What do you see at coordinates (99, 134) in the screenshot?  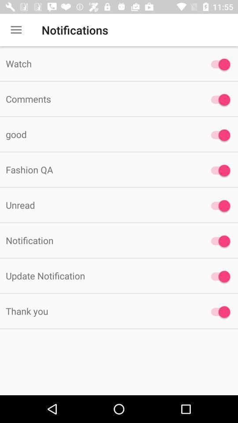 I see `the icon below comments icon` at bounding box center [99, 134].